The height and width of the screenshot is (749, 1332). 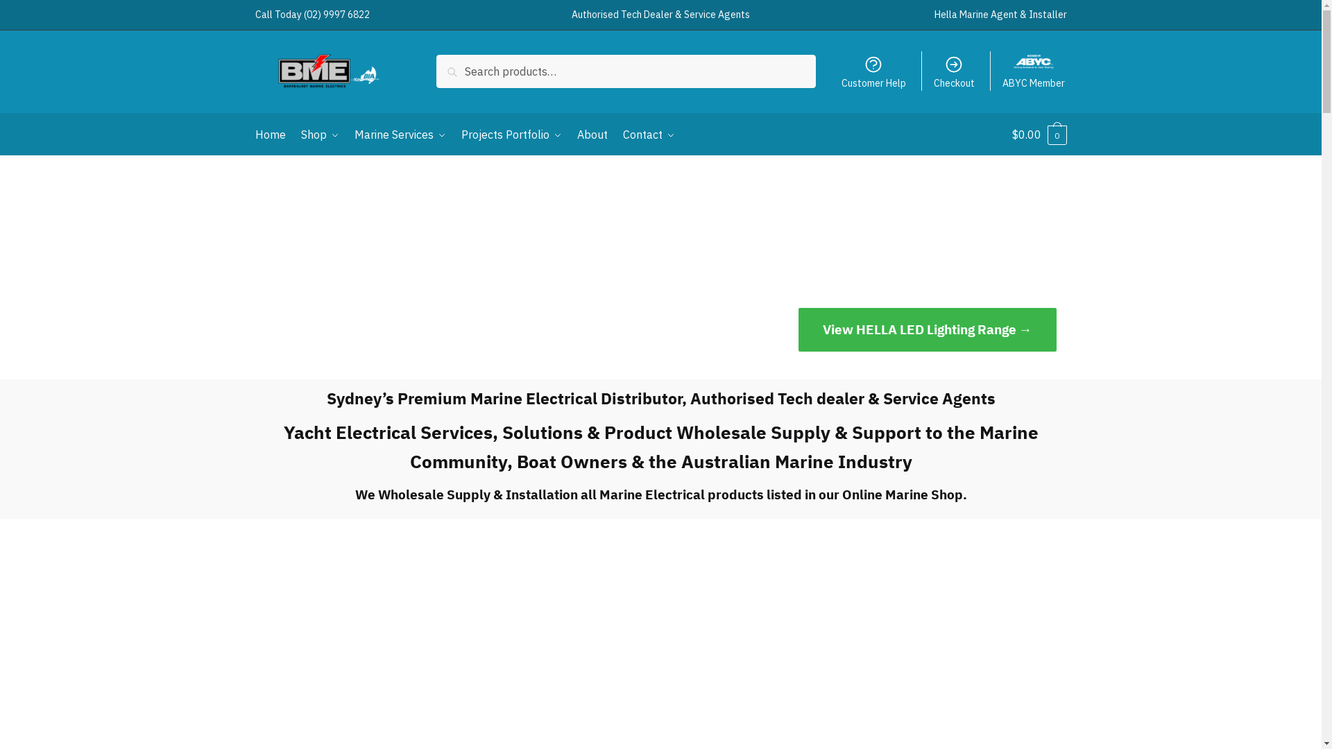 What do you see at coordinates (648, 134) in the screenshot?
I see `'Contact'` at bounding box center [648, 134].